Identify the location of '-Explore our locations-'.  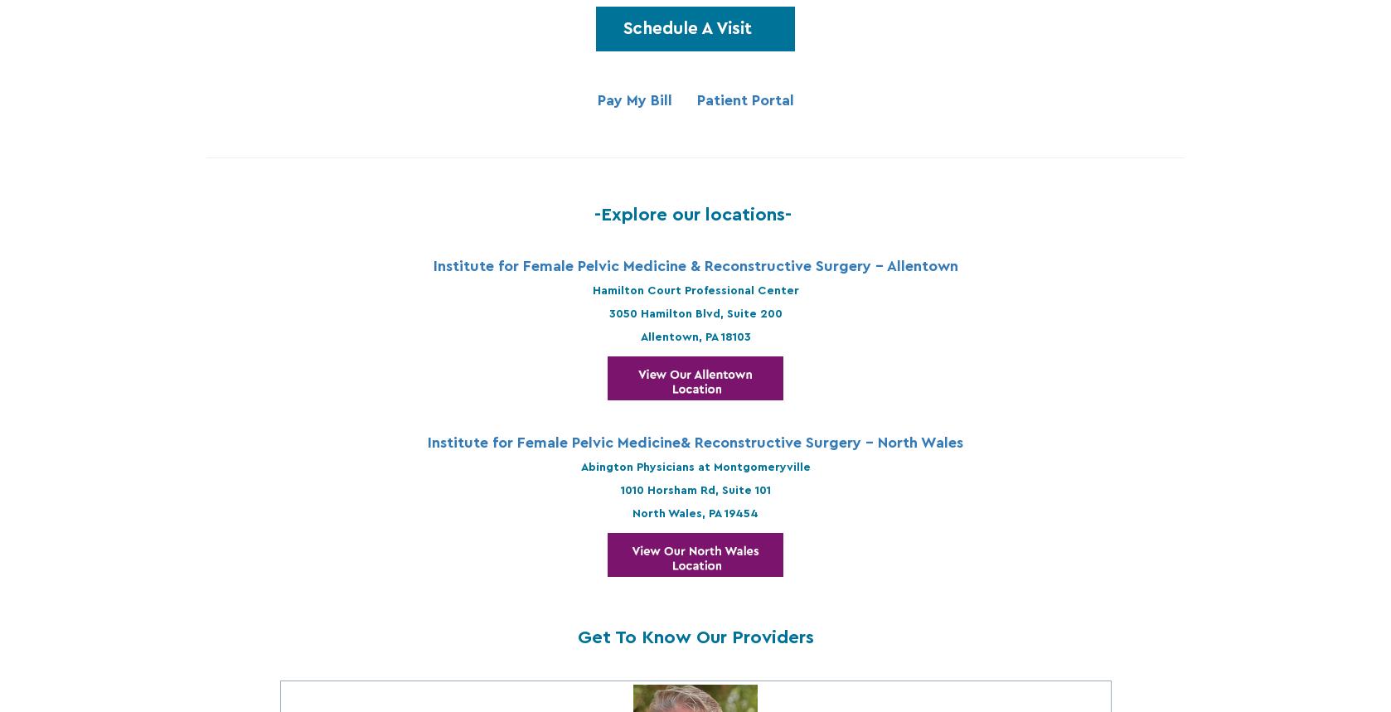
(695, 212).